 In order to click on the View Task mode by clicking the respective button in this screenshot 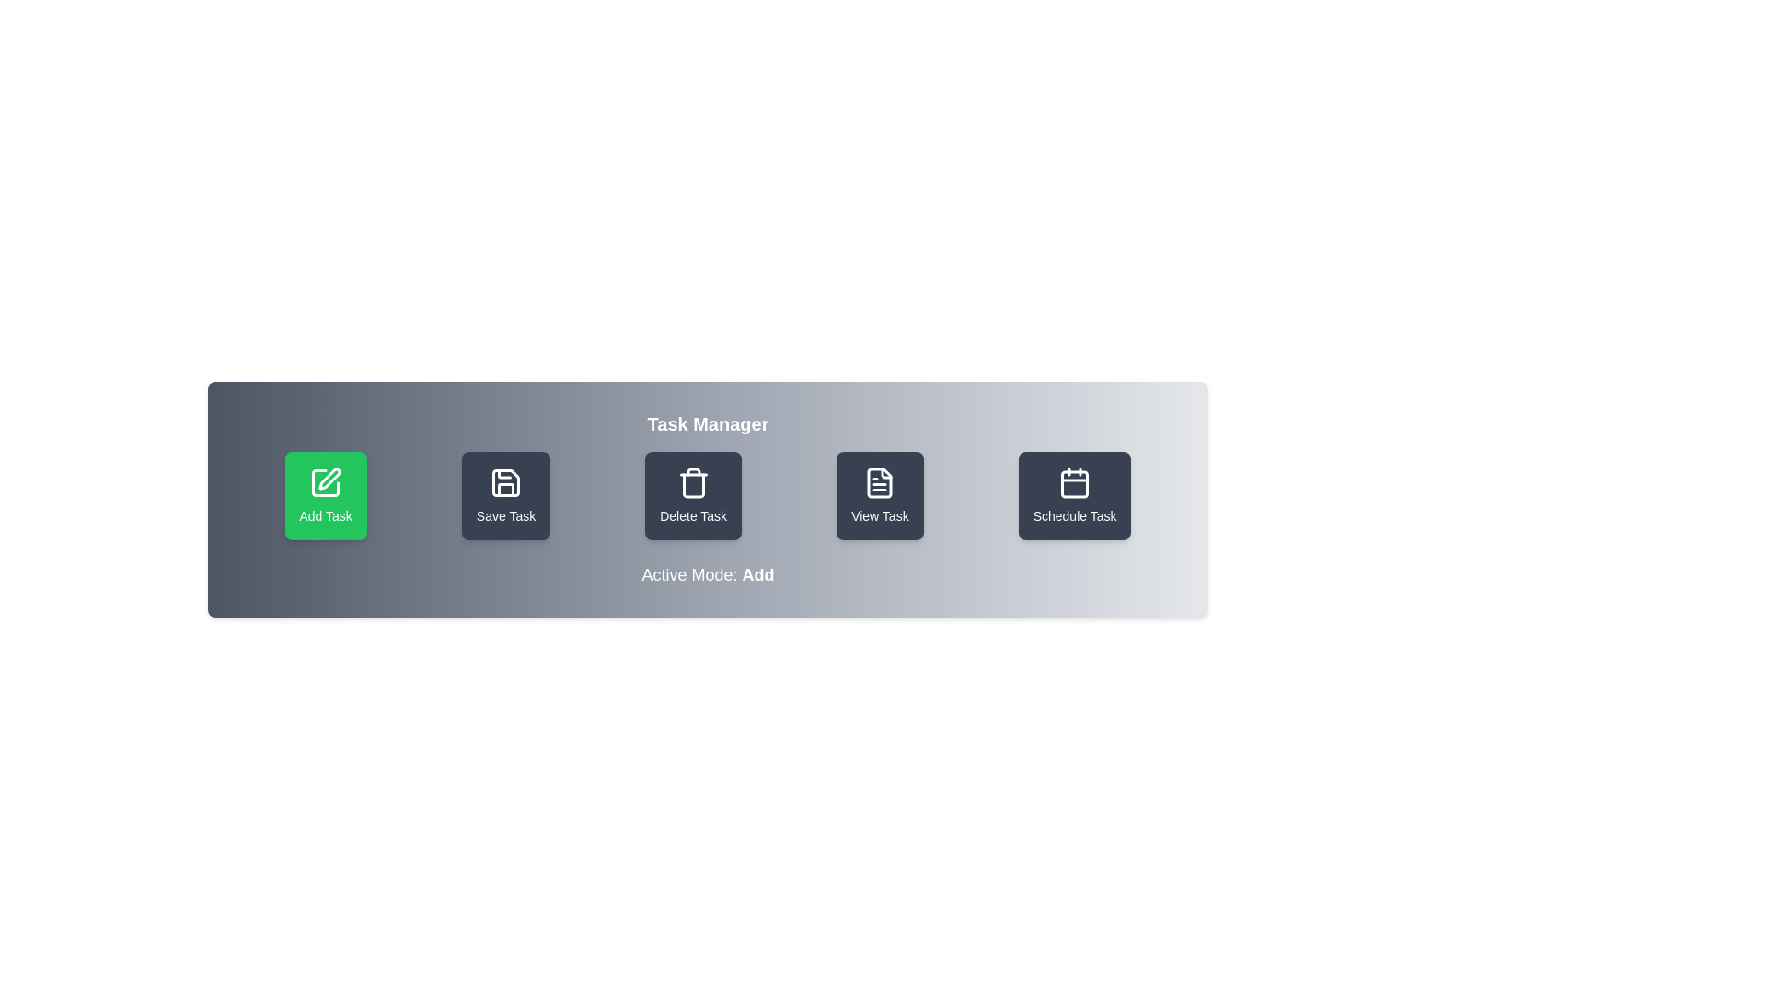, I will do `click(878, 495)`.